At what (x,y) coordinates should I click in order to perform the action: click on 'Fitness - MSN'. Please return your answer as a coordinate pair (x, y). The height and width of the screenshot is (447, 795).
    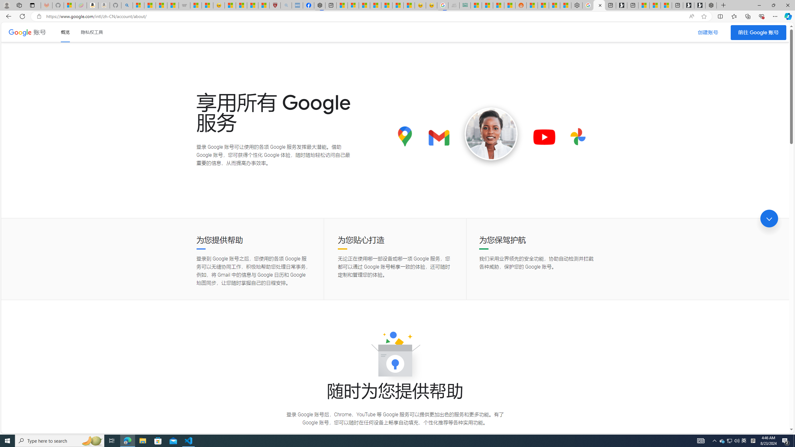
    Looking at the image, I should click on (386, 5).